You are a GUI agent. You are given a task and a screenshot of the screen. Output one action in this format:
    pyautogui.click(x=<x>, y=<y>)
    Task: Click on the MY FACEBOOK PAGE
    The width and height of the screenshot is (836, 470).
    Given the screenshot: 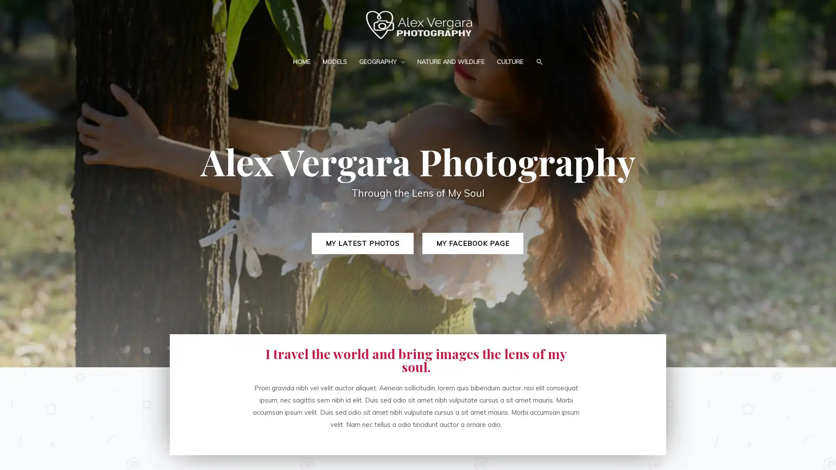 What is the action you would take?
    pyautogui.click(x=472, y=243)
    